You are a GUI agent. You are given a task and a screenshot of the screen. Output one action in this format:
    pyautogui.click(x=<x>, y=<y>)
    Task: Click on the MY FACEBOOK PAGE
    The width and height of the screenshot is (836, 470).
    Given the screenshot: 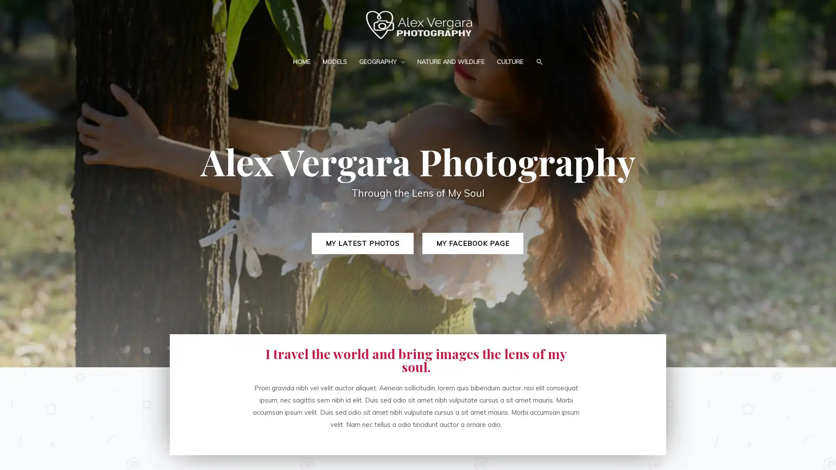 What is the action you would take?
    pyautogui.click(x=472, y=243)
    